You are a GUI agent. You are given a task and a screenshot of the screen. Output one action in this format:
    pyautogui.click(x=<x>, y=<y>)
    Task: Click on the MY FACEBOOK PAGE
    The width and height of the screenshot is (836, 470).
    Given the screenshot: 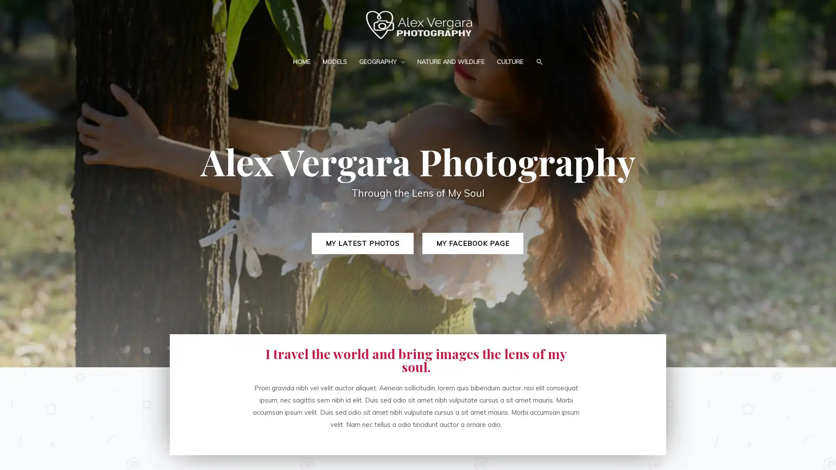 What is the action you would take?
    pyautogui.click(x=472, y=243)
    